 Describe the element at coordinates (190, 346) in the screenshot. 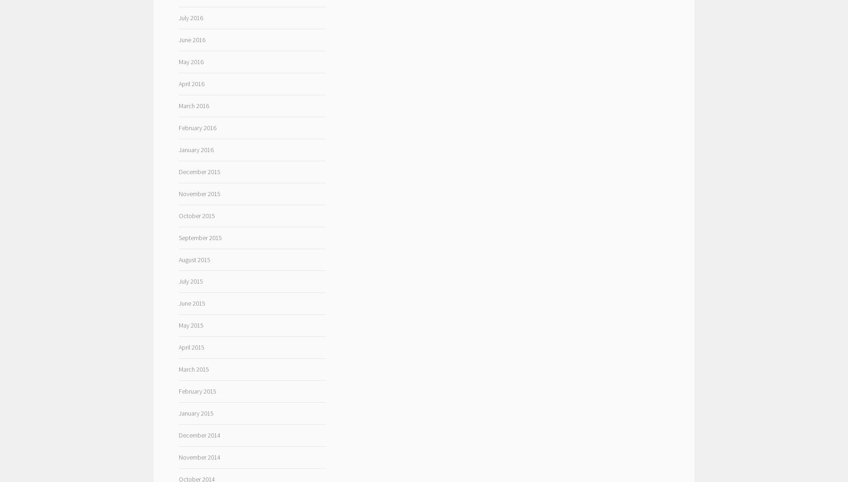

I see `'April 2015'` at that location.